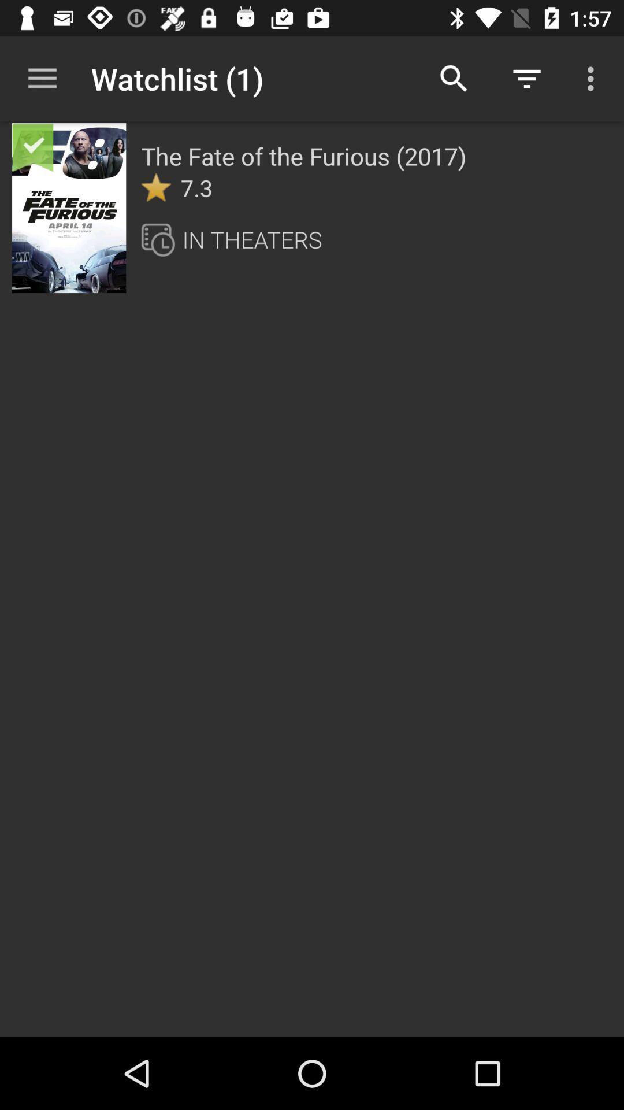 The image size is (624, 1110). I want to click on icon below the 7.3 item, so click(162, 239).